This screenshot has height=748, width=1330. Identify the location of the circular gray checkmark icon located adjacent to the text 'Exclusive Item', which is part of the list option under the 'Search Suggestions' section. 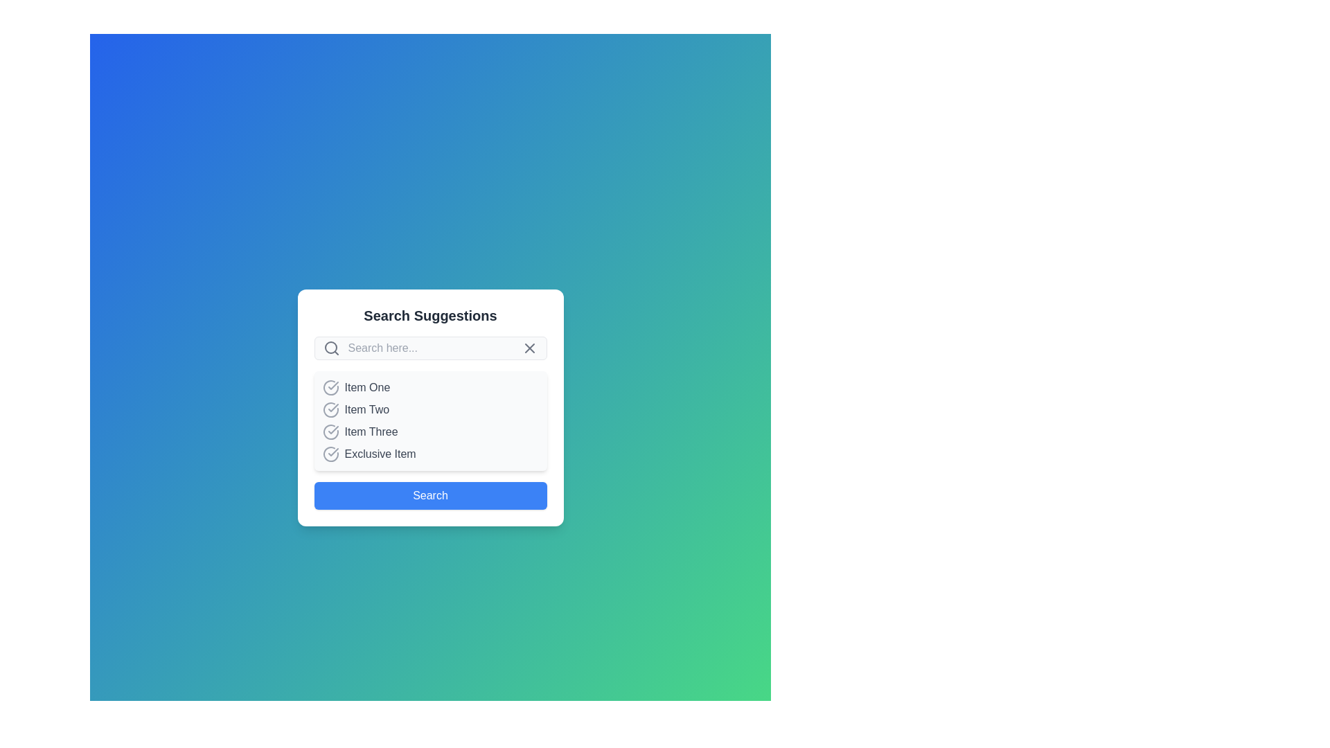
(330, 454).